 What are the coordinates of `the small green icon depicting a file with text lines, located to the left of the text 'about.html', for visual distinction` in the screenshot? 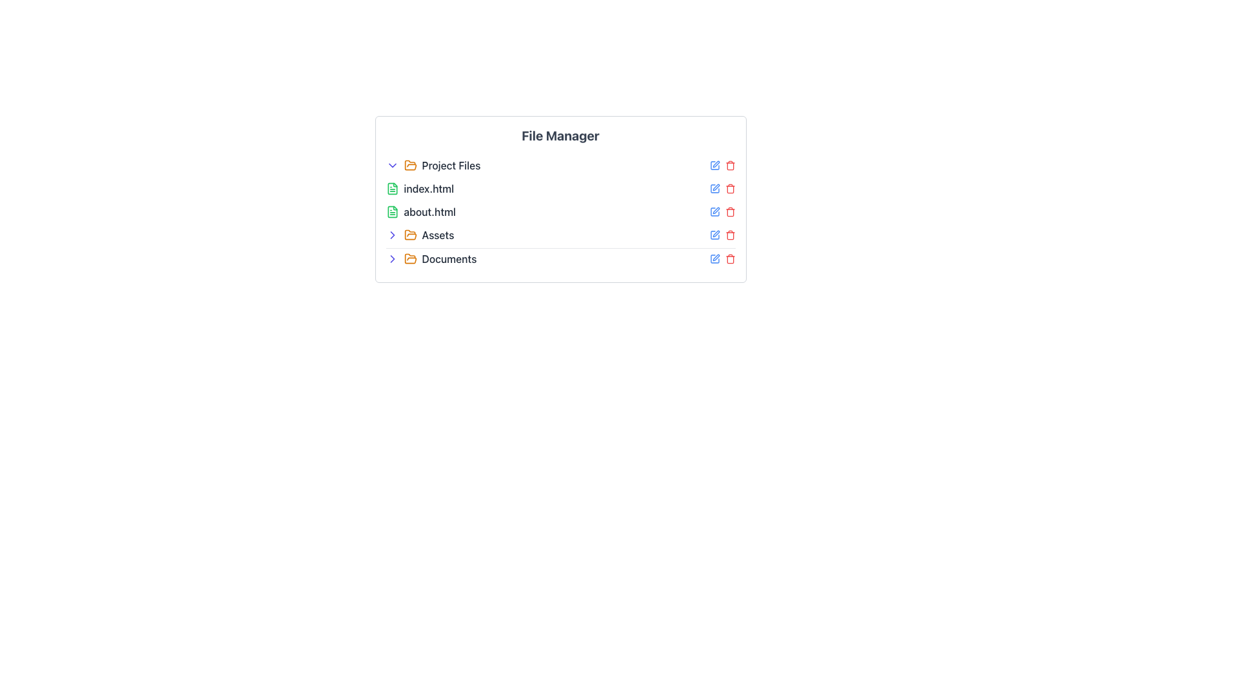 It's located at (391, 211).